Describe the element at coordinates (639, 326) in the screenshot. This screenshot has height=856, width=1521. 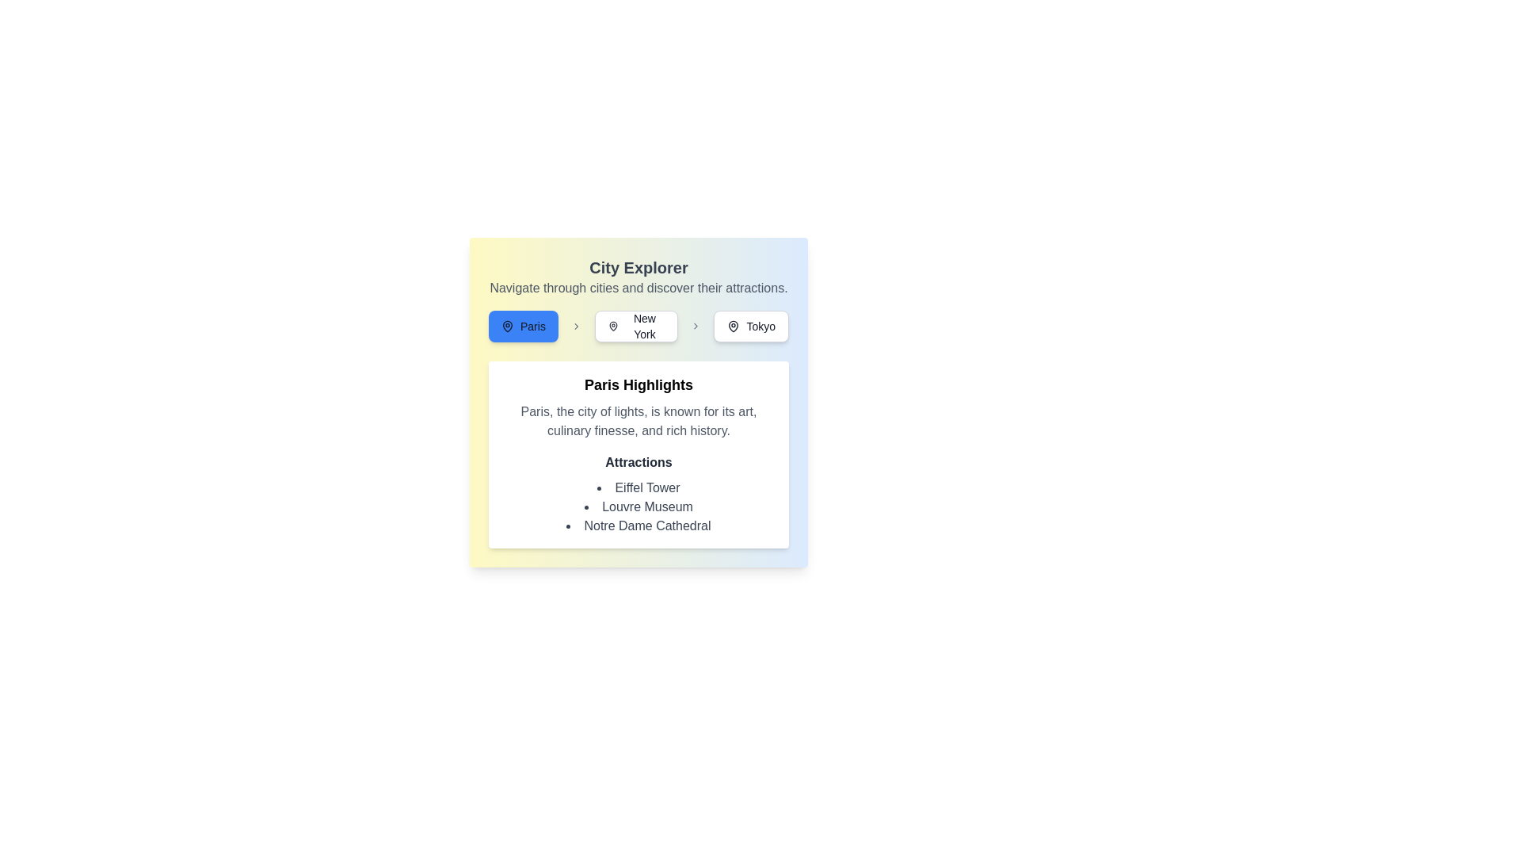
I see `the 'New York' button, which is a rectangular button with a light gray border and a pin icon, located in the 'City Explorer' section between the 'Paris' and 'Tokyo' buttons` at that location.